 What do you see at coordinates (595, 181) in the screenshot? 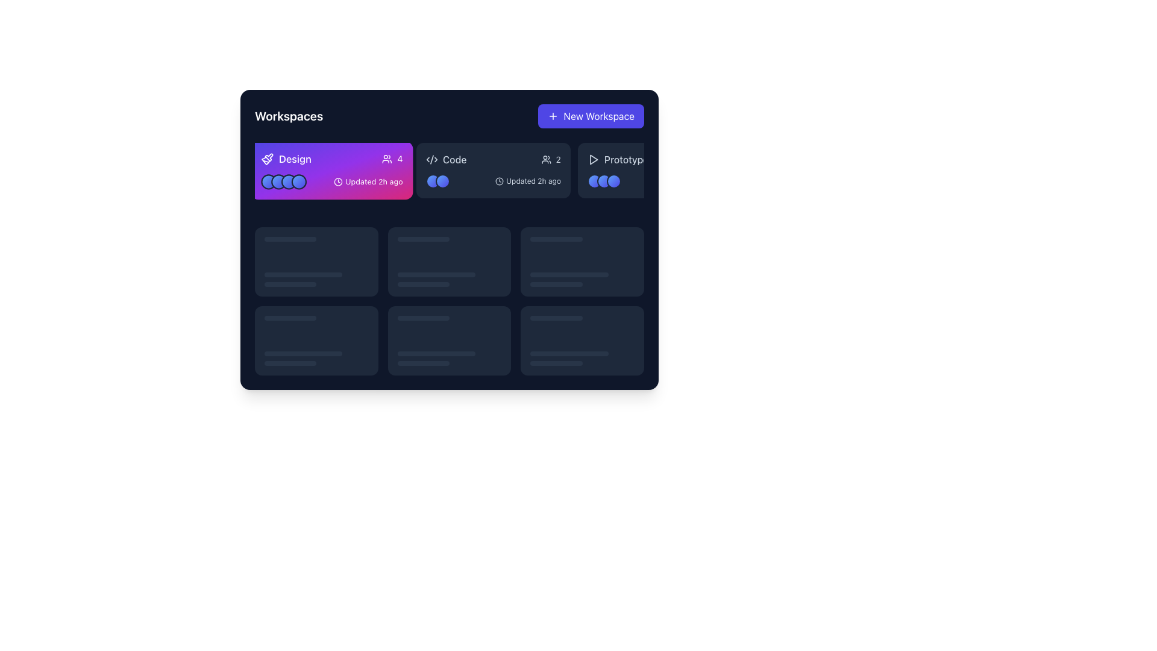
I see `the first decorative graphical element (circle with gradient) in the horizontal group of three circles located in the top-right area of the 'Prototype' workspace section` at bounding box center [595, 181].